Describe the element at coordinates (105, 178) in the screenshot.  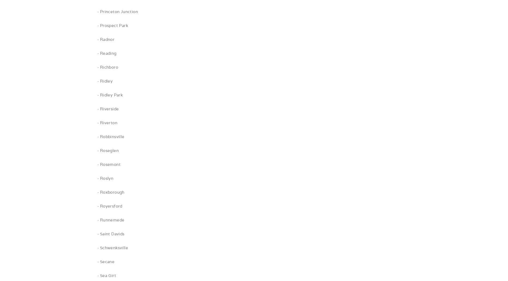
I see `'· Roslyn'` at that location.